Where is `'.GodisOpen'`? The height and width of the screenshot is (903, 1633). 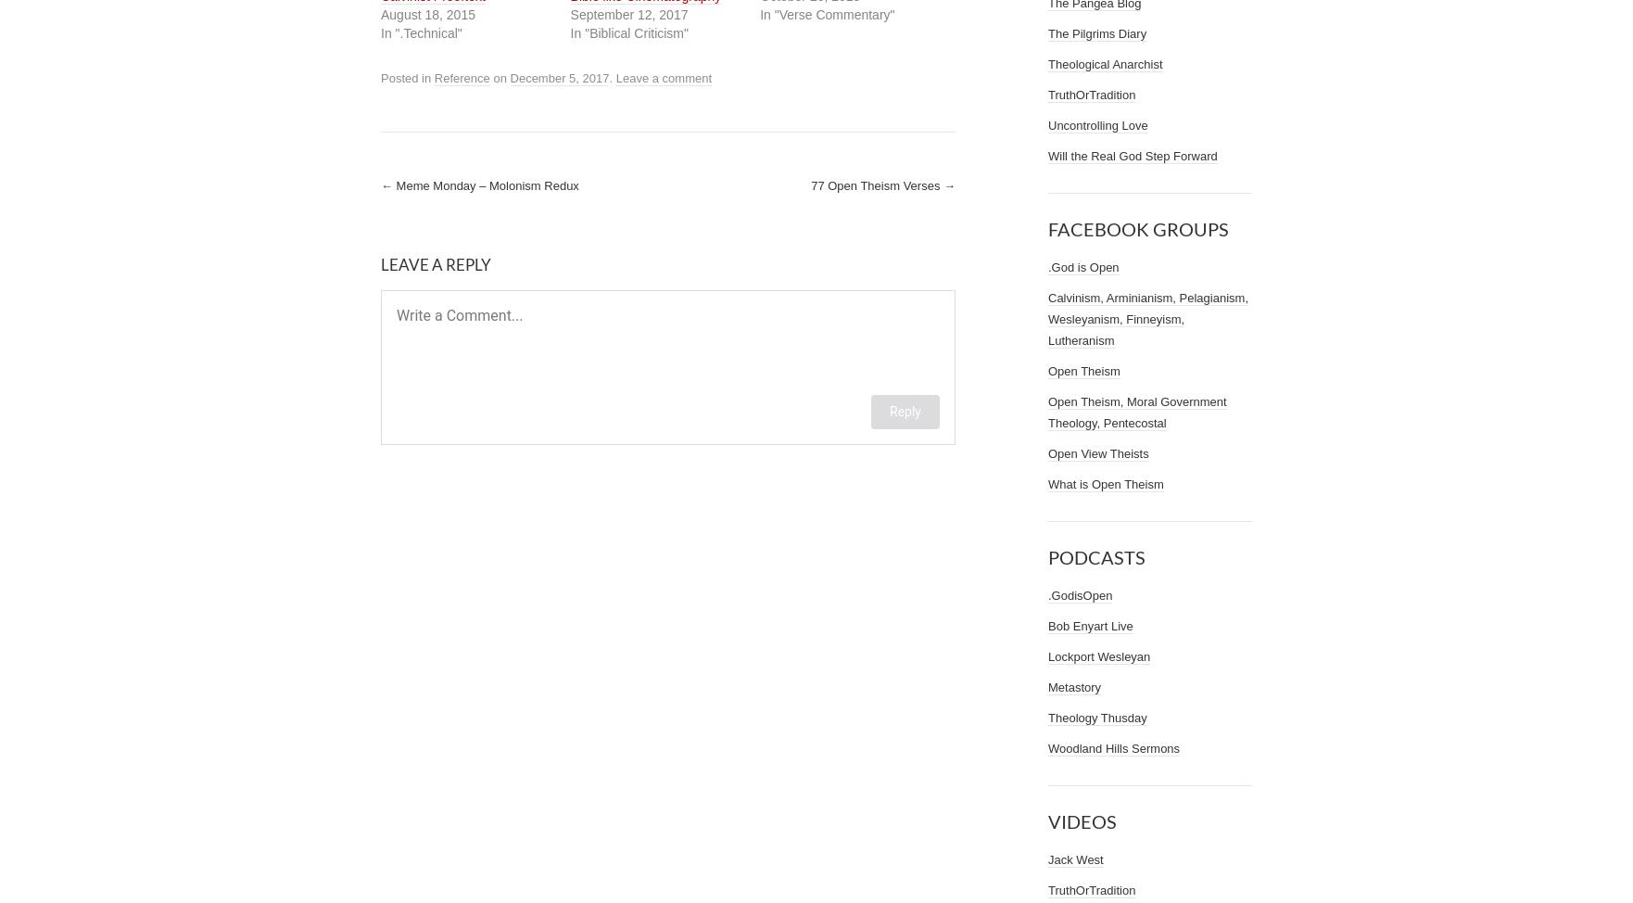 '.GodisOpen' is located at coordinates (1080, 594).